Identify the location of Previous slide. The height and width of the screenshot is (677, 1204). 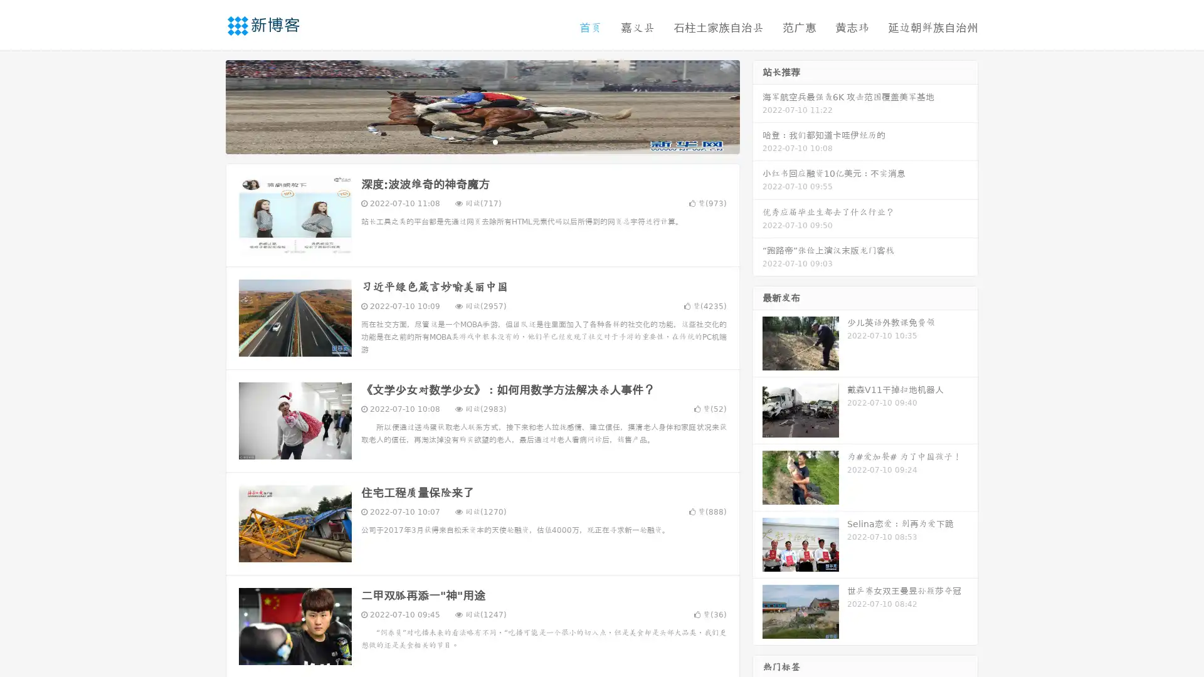
(207, 105).